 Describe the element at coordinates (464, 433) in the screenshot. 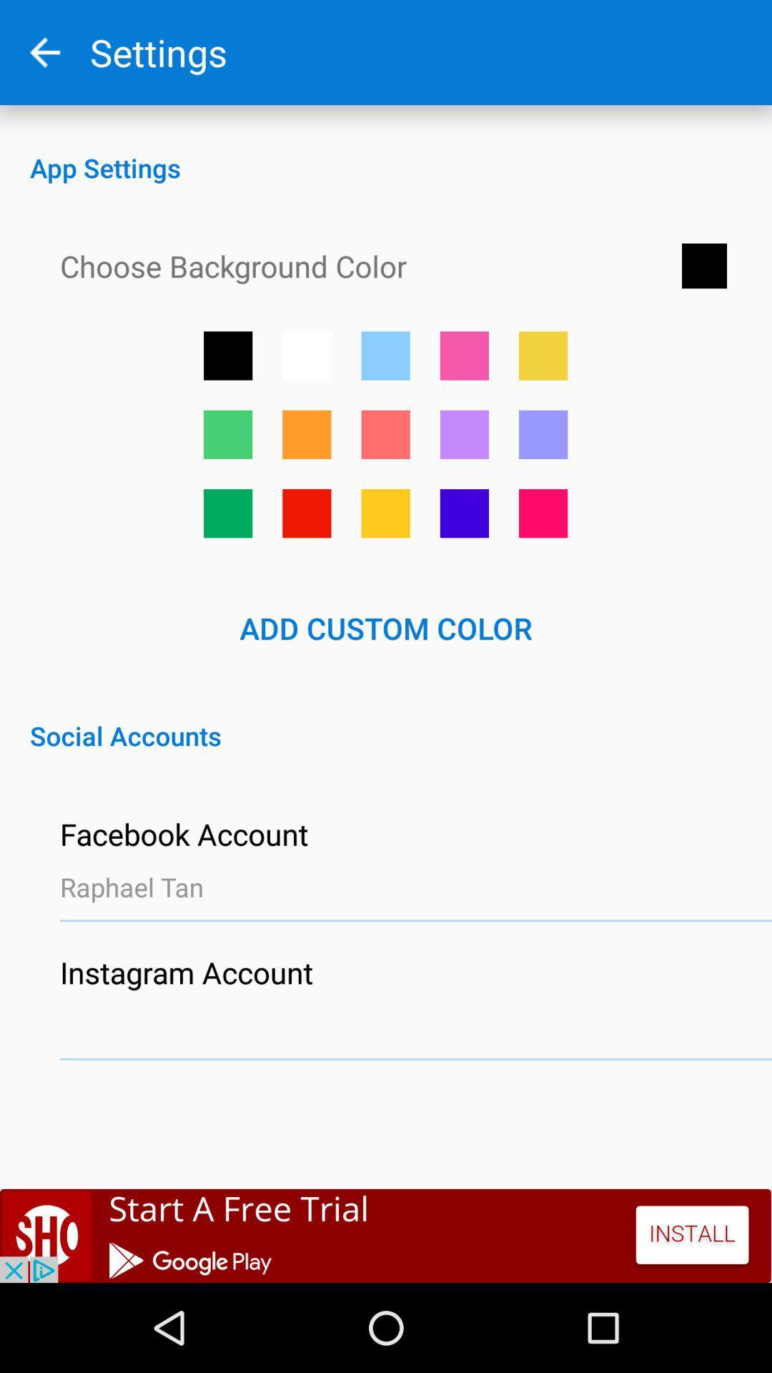

I see `color palette` at that location.